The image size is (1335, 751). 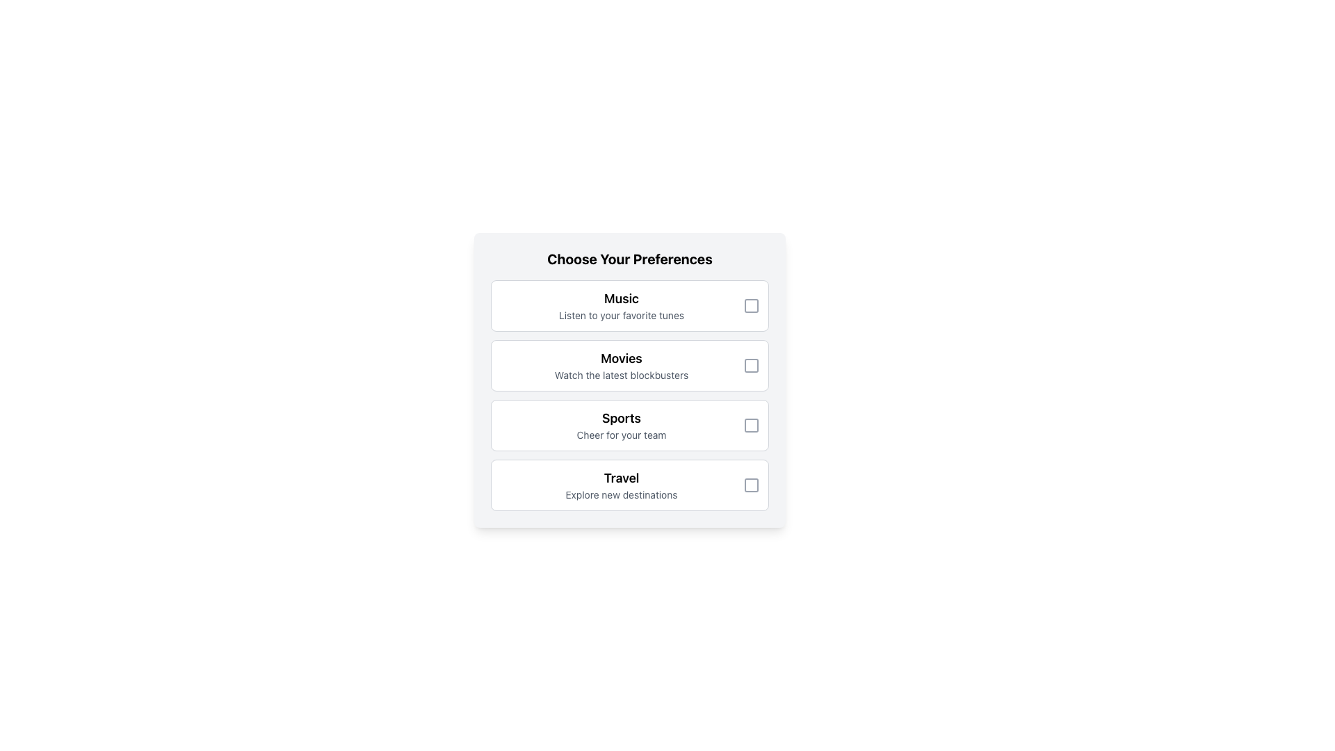 What do you see at coordinates (629, 485) in the screenshot?
I see `the 'Travel' option card with a checkbox` at bounding box center [629, 485].